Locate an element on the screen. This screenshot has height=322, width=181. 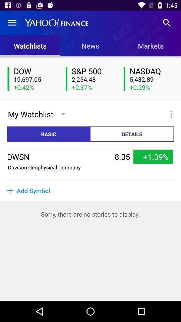
dawson geophysical company item is located at coordinates (44, 167).